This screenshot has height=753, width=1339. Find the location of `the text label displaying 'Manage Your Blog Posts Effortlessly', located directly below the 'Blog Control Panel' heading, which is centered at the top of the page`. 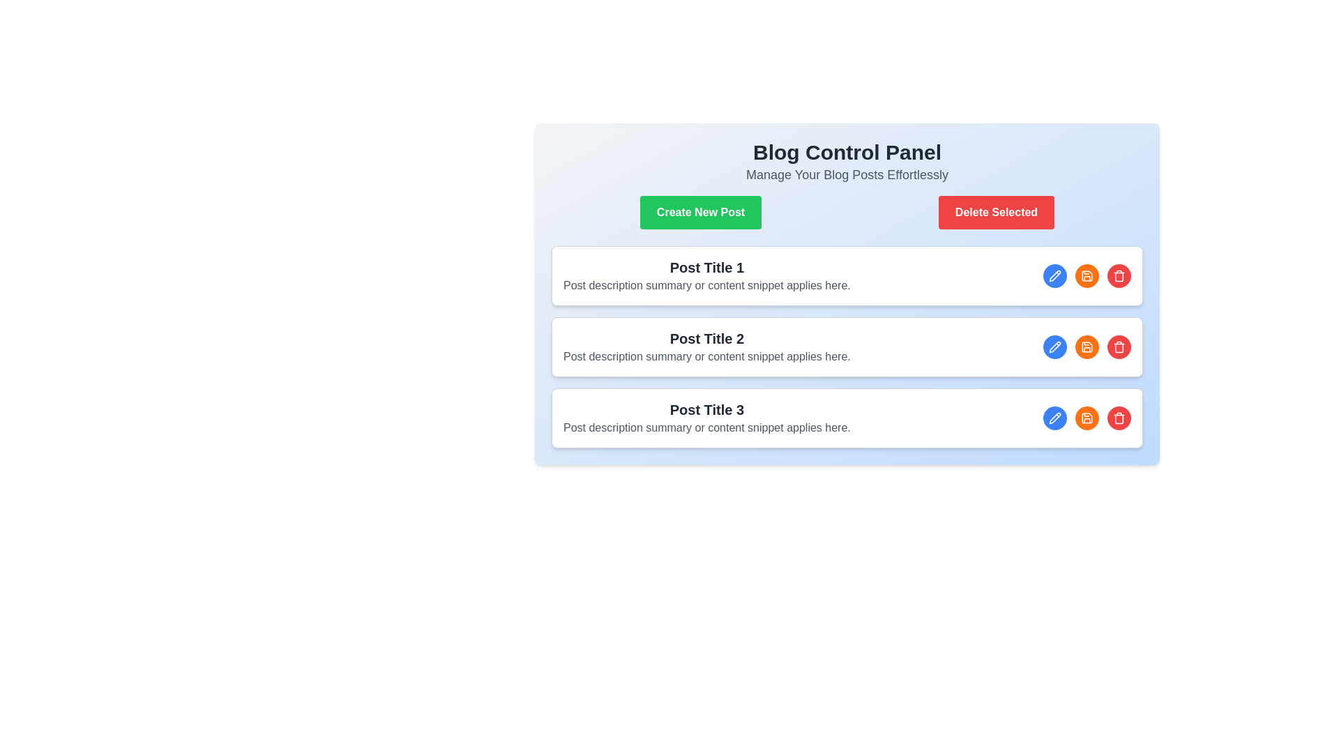

the text label displaying 'Manage Your Blog Posts Effortlessly', located directly below the 'Blog Control Panel' heading, which is centered at the top of the page is located at coordinates (846, 174).